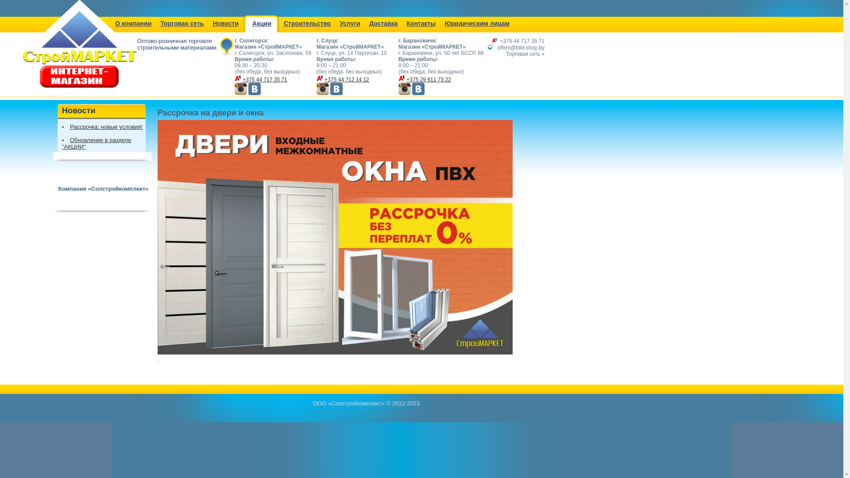 The width and height of the screenshot is (850, 478). Describe the element at coordinates (406, 80) in the screenshot. I see `'+375 29 611 73 22'` at that location.